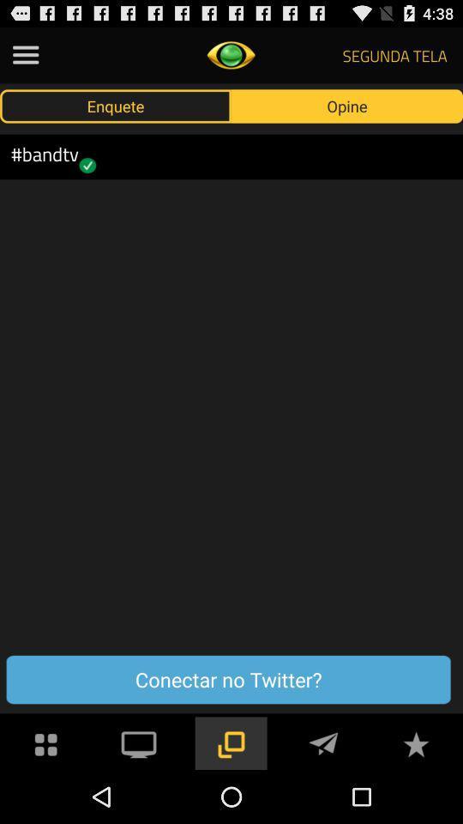 The image size is (463, 824). What do you see at coordinates (25, 55) in the screenshot?
I see `the icon above enquete icon` at bounding box center [25, 55].